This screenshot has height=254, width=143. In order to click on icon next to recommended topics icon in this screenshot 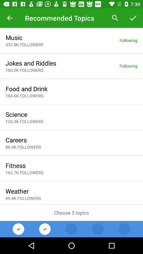, I will do `click(10, 18)`.